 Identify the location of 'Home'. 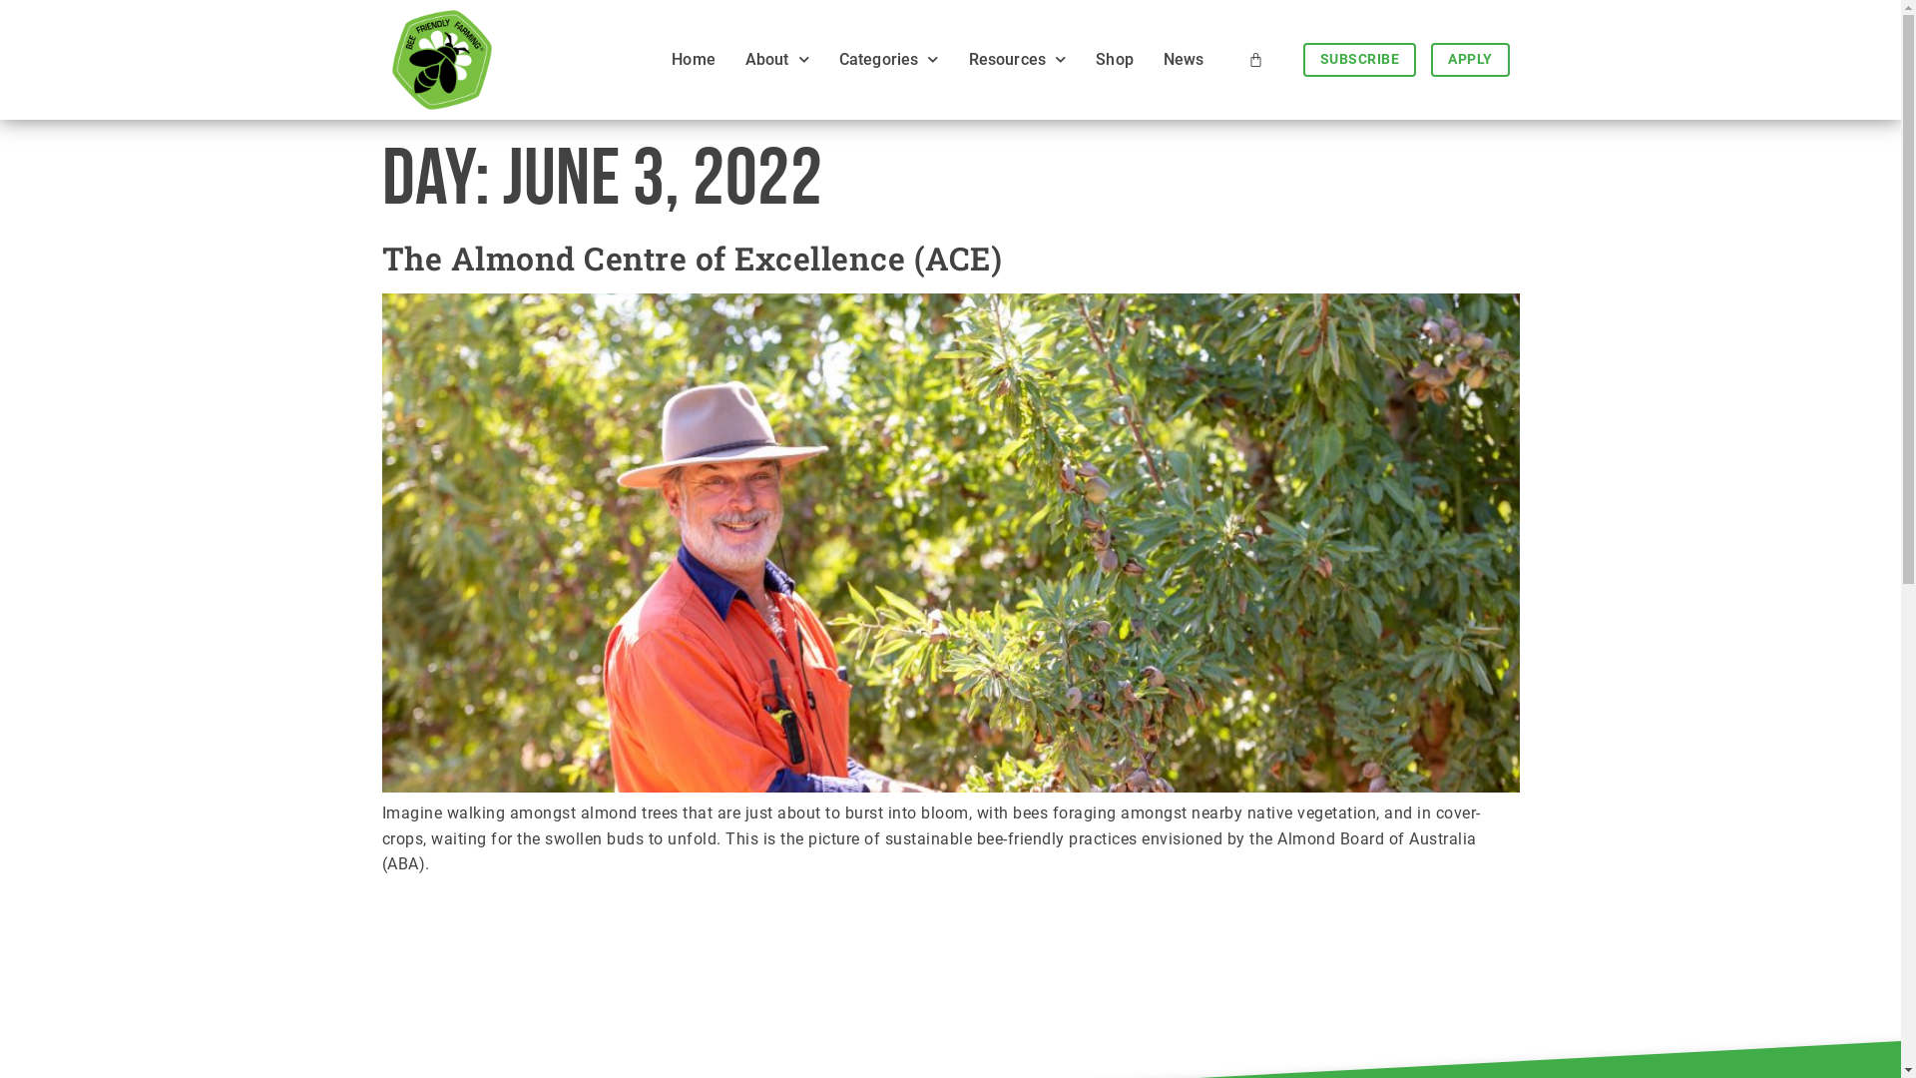
(694, 59).